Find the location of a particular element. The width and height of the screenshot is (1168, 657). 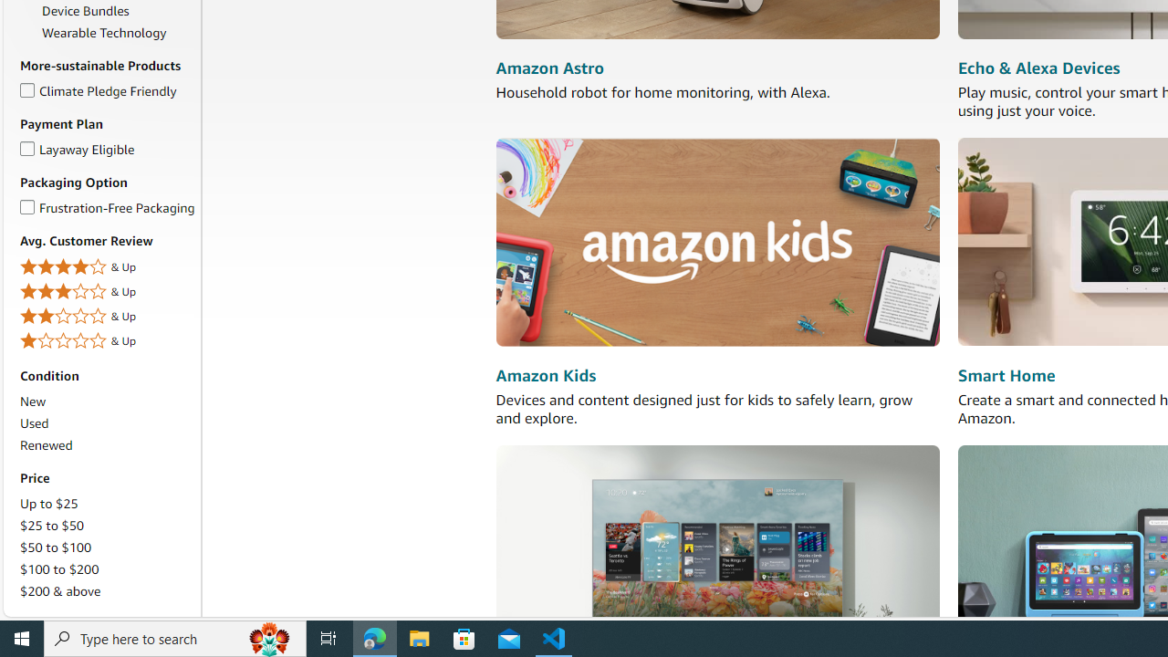

'$50 to $100' is located at coordinates (56, 547).